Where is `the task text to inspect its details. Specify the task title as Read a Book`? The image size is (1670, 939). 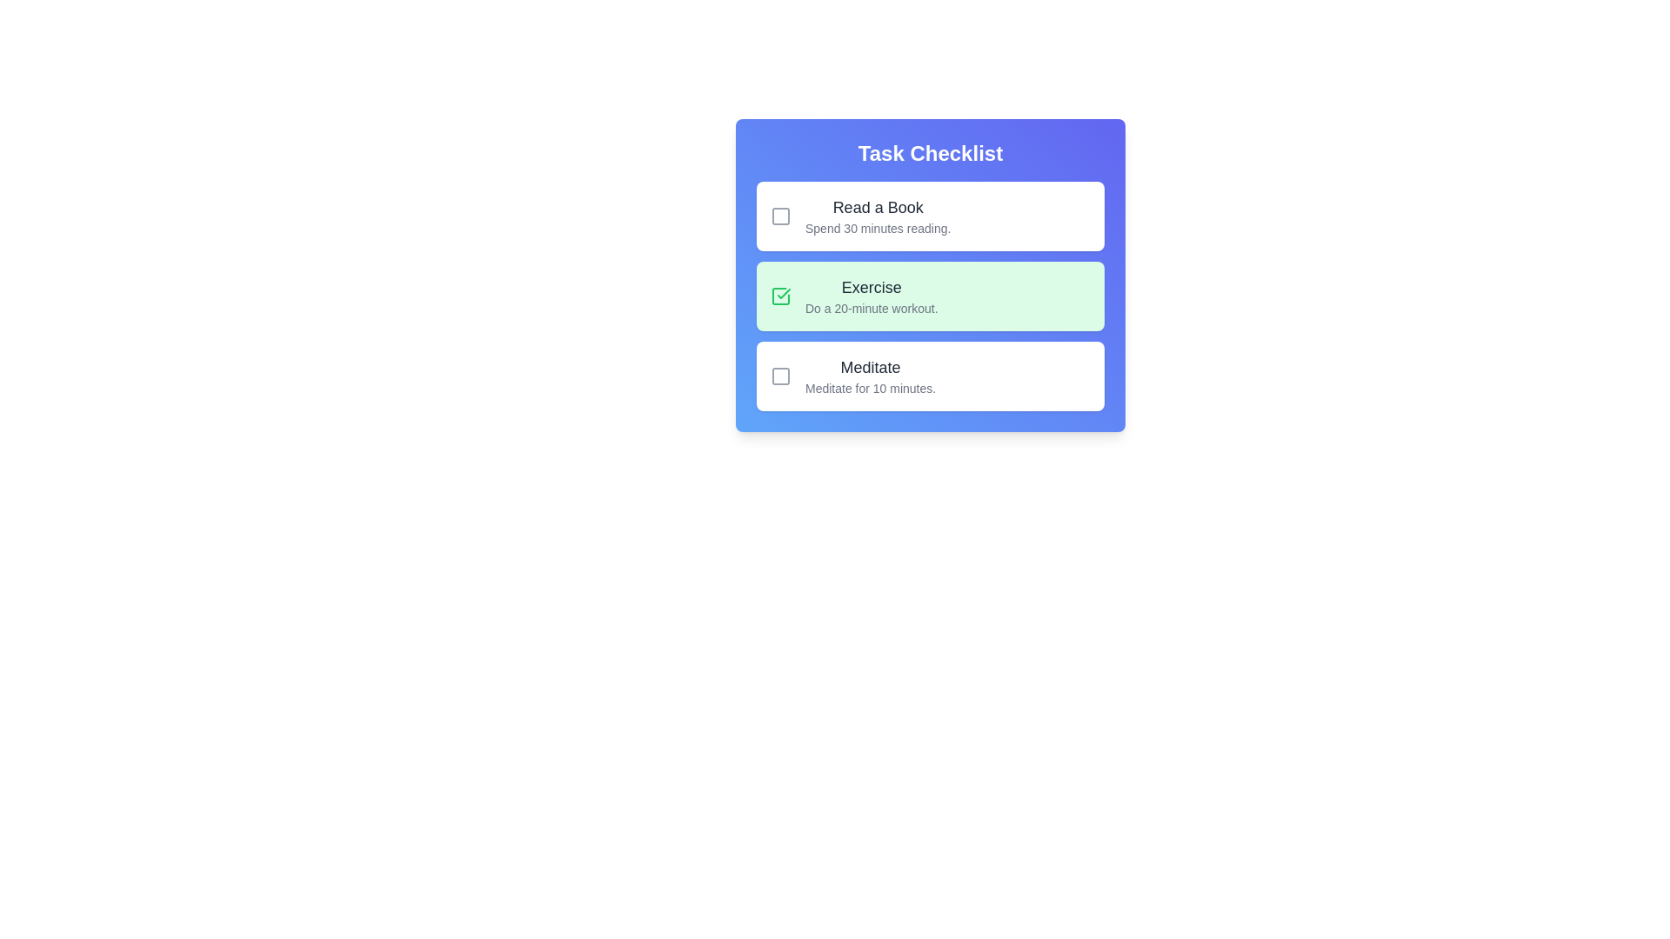 the task text to inspect its details. Specify the task title as Read a Book is located at coordinates (878, 207).